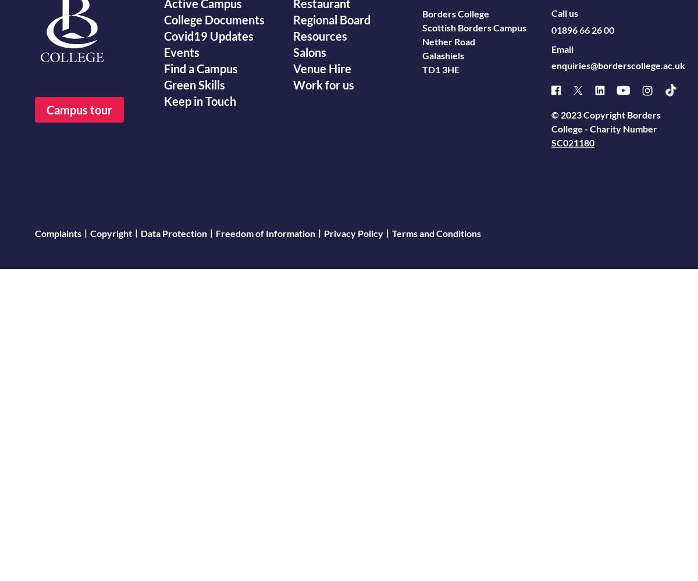 This screenshot has height=581, width=698. What do you see at coordinates (201, 68) in the screenshot?
I see `'Find a Campus'` at bounding box center [201, 68].